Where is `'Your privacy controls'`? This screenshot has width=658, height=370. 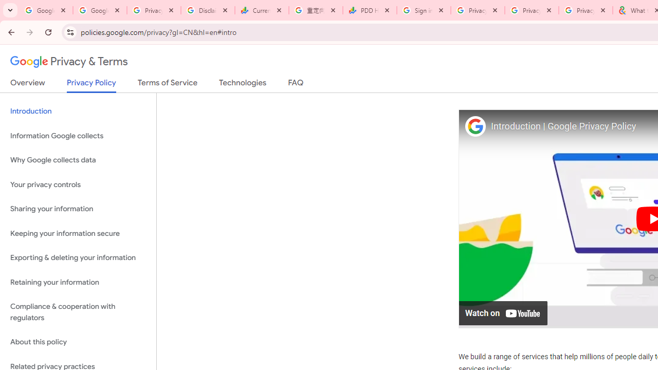
'Your privacy controls' is located at coordinates (78, 184).